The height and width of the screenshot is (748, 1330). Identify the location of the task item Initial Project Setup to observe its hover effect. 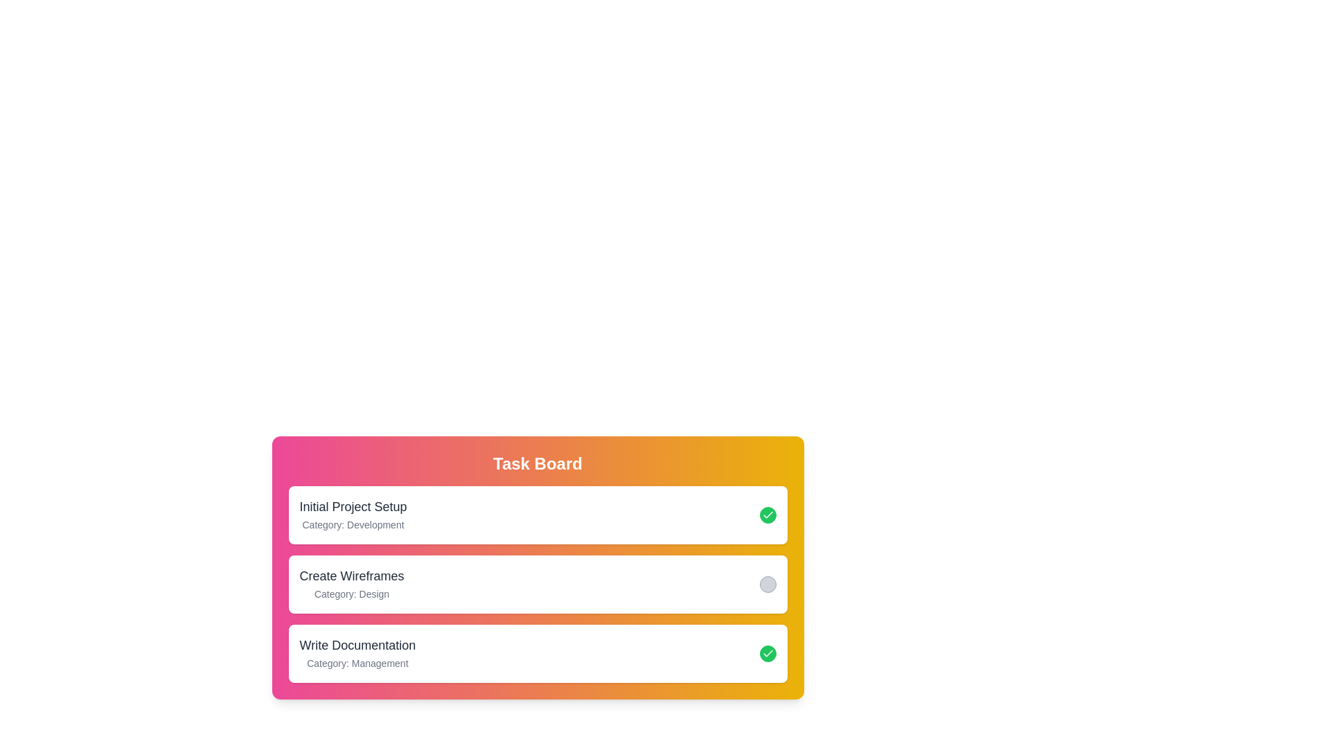
(537, 515).